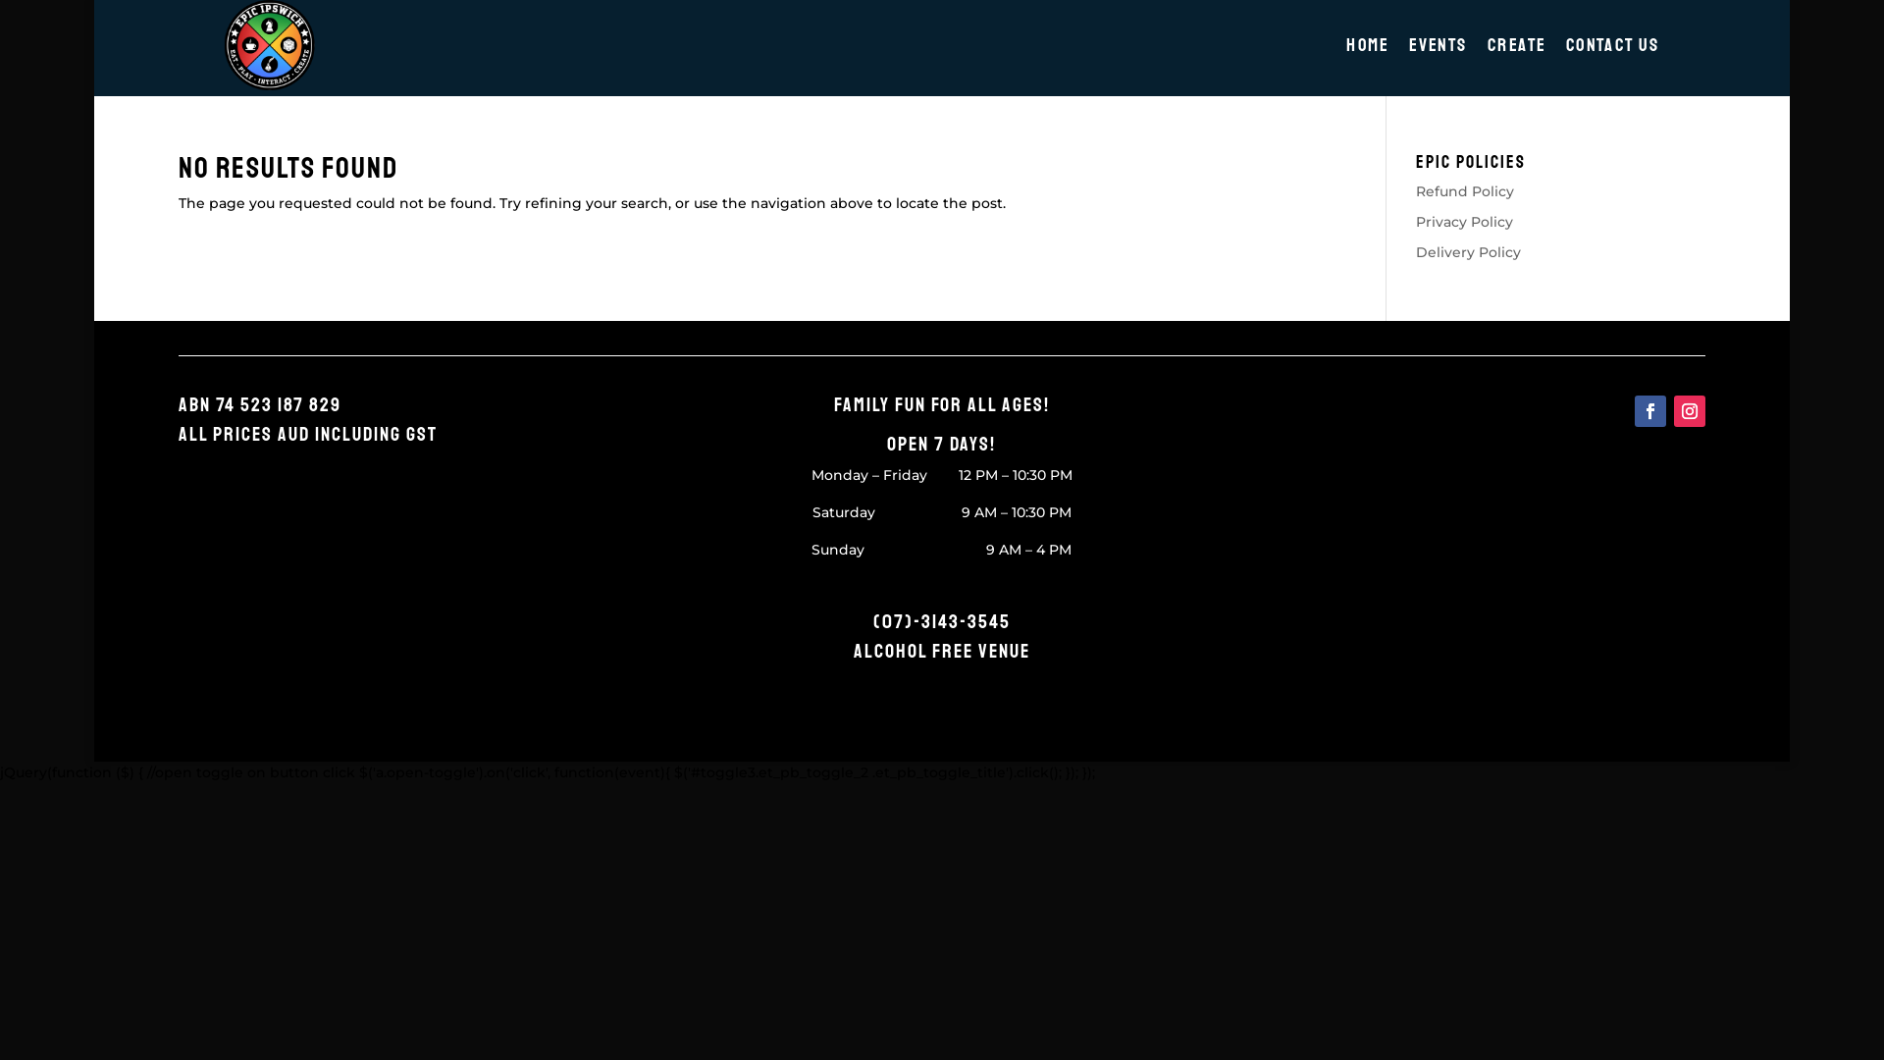 Image resolution: width=1884 pixels, height=1060 pixels. I want to click on 'Home', so click(1368, 47).